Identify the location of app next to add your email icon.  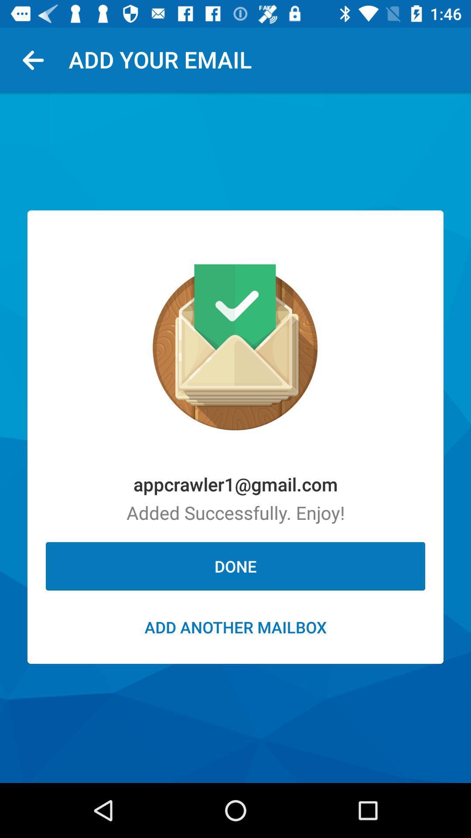
(36, 59).